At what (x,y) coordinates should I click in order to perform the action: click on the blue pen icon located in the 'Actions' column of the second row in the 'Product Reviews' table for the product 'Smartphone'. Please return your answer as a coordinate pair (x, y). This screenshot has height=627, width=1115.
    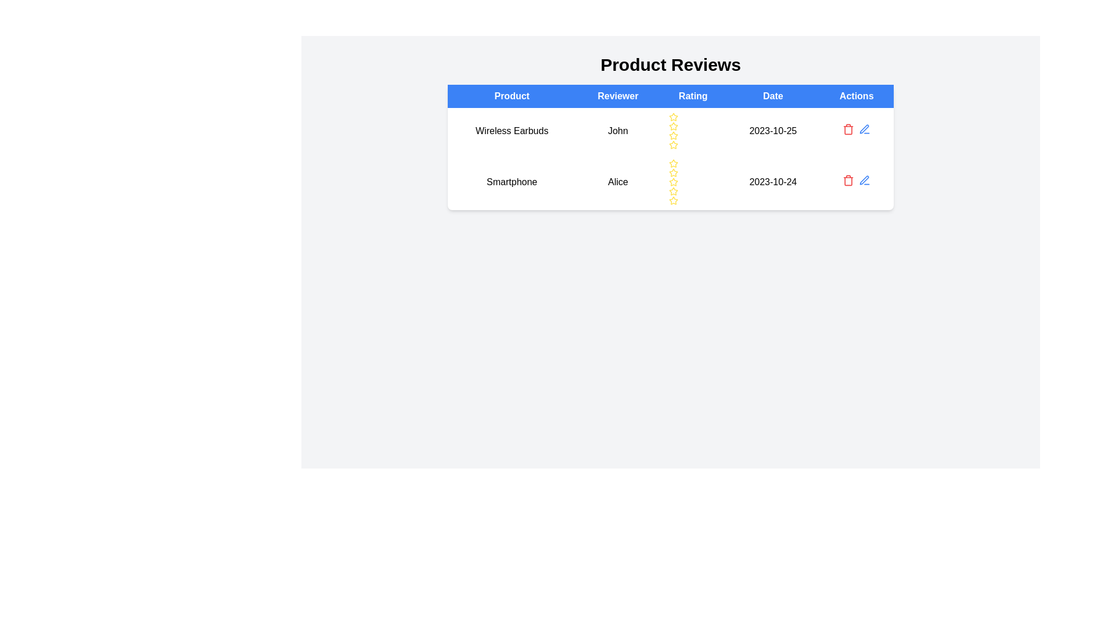
    Looking at the image, I should click on (864, 129).